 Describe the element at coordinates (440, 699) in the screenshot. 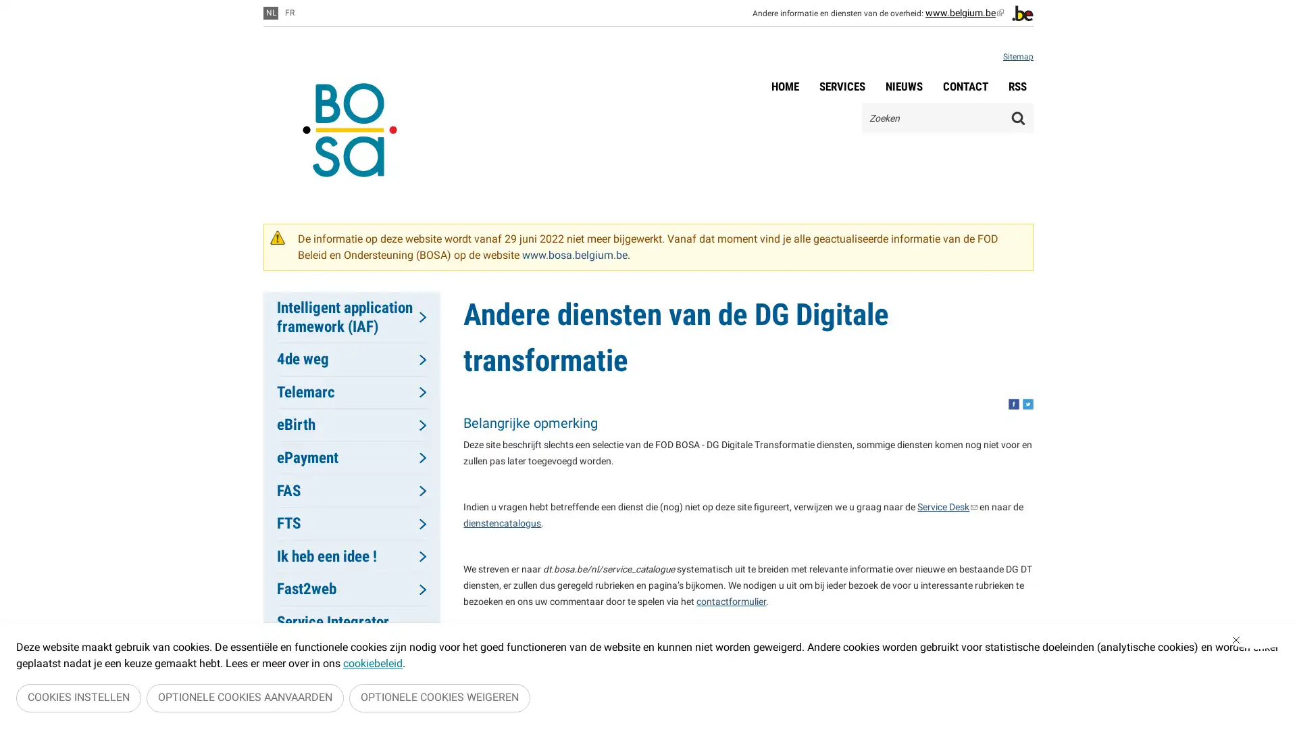

I see `OPTIONELE COOKIES WEIGEREN` at that location.